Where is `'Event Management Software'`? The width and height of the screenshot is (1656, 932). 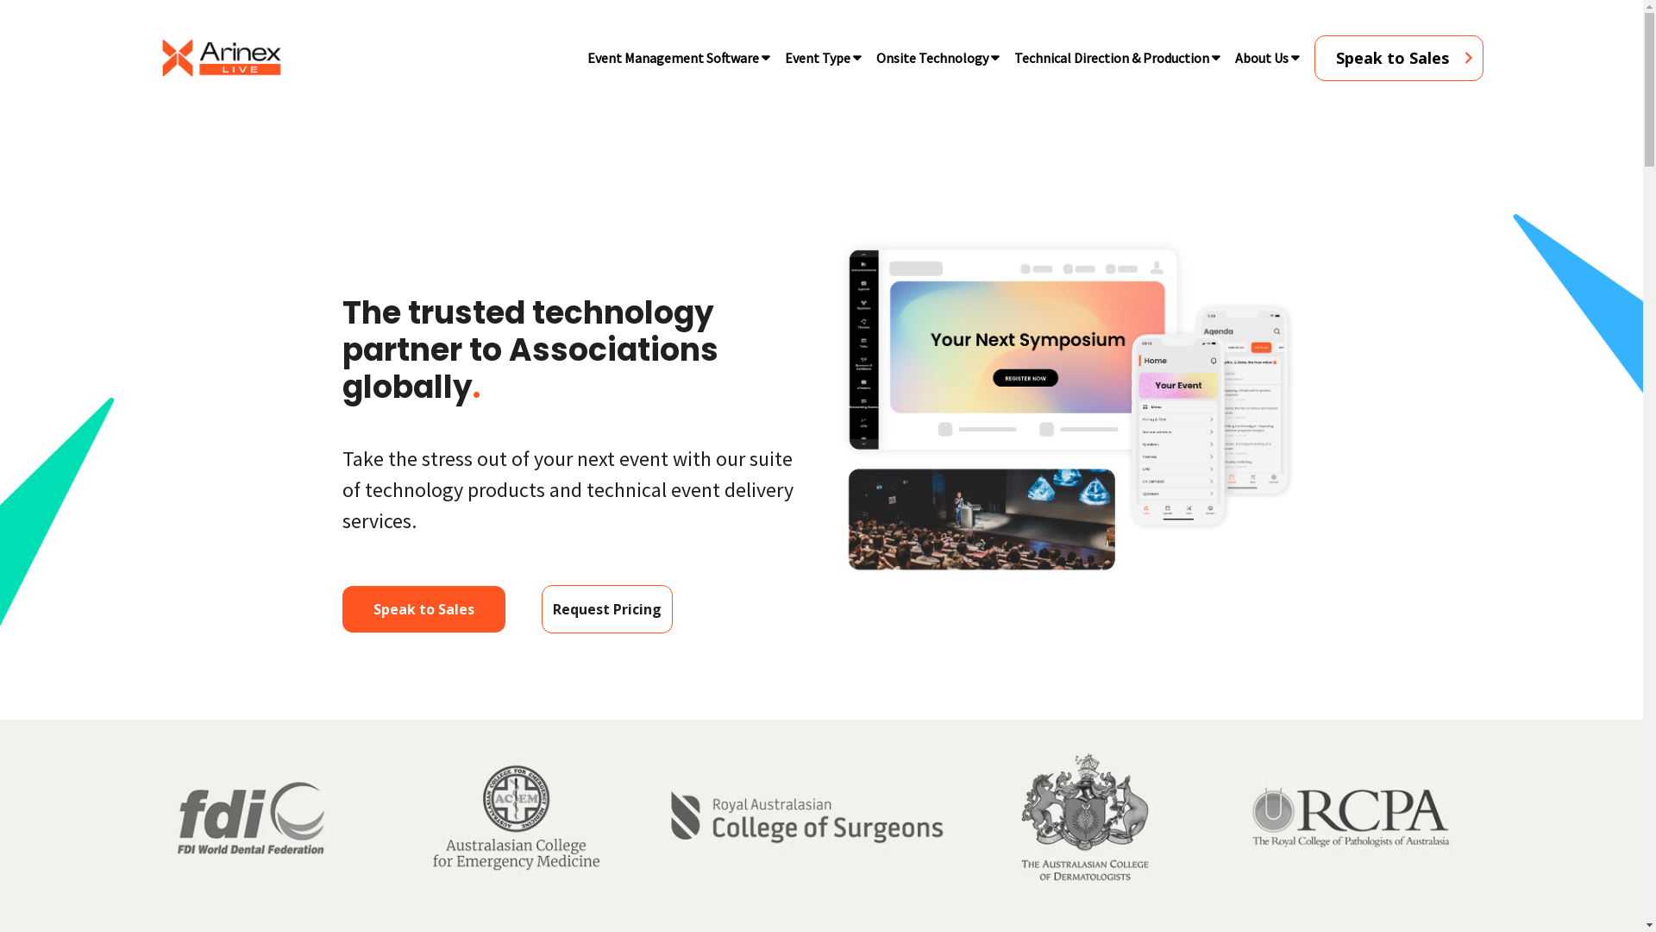 'Event Management Software' is located at coordinates (672, 56).